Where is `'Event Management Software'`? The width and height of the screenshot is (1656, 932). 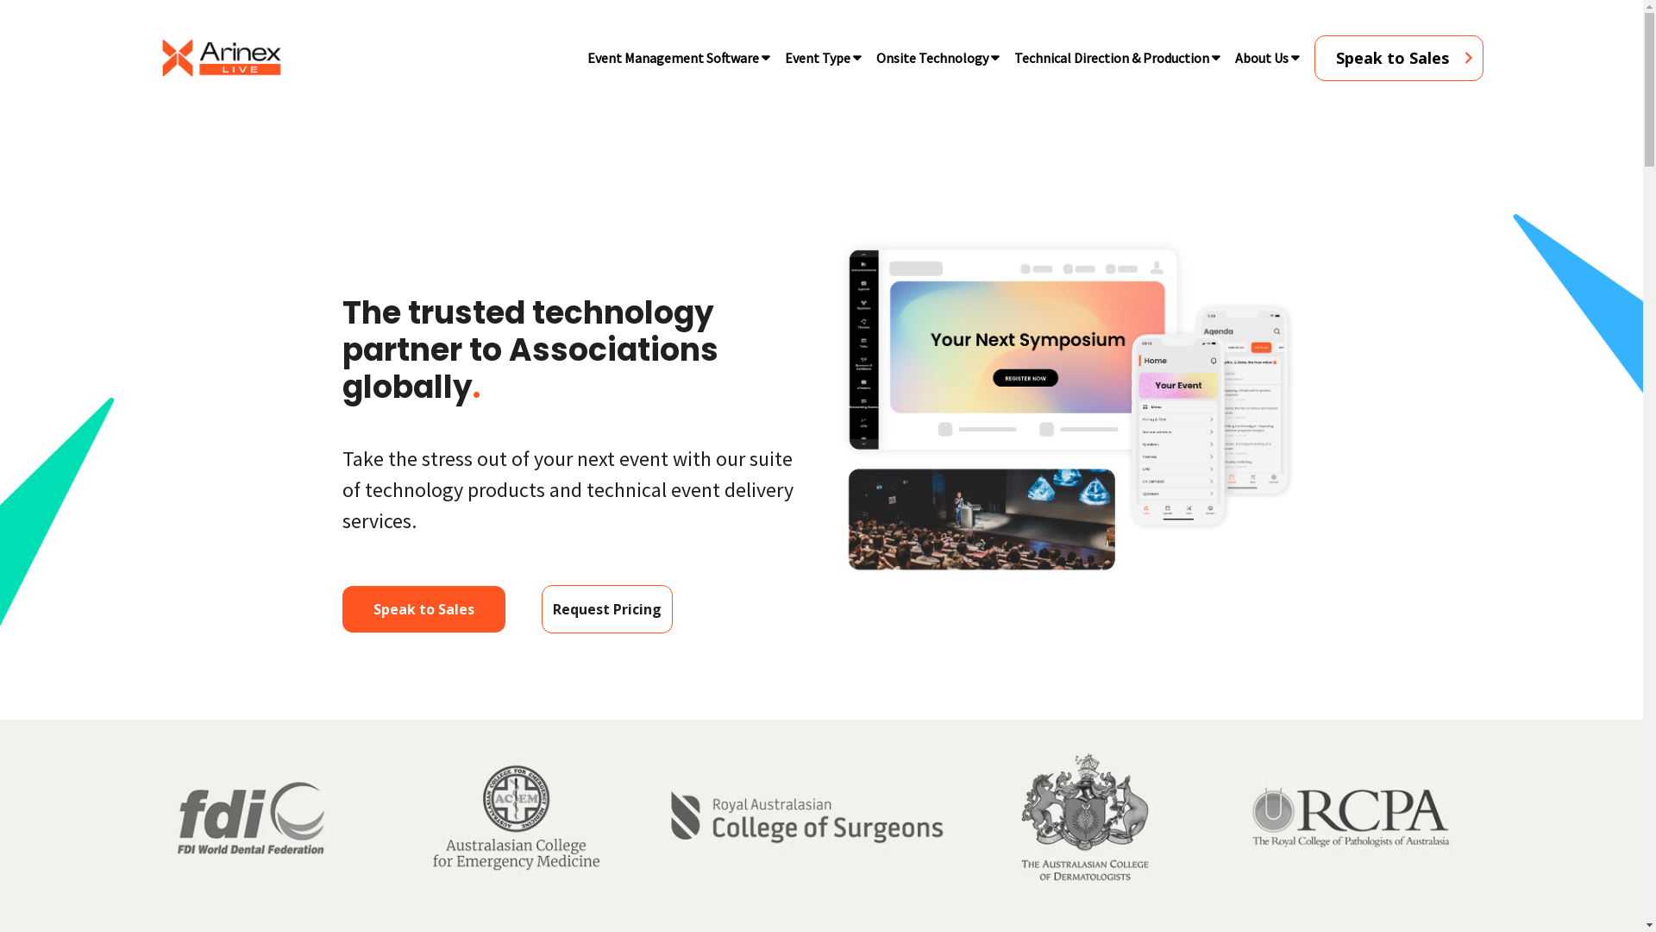 'Event Management Software' is located at coordinates (672, 56).